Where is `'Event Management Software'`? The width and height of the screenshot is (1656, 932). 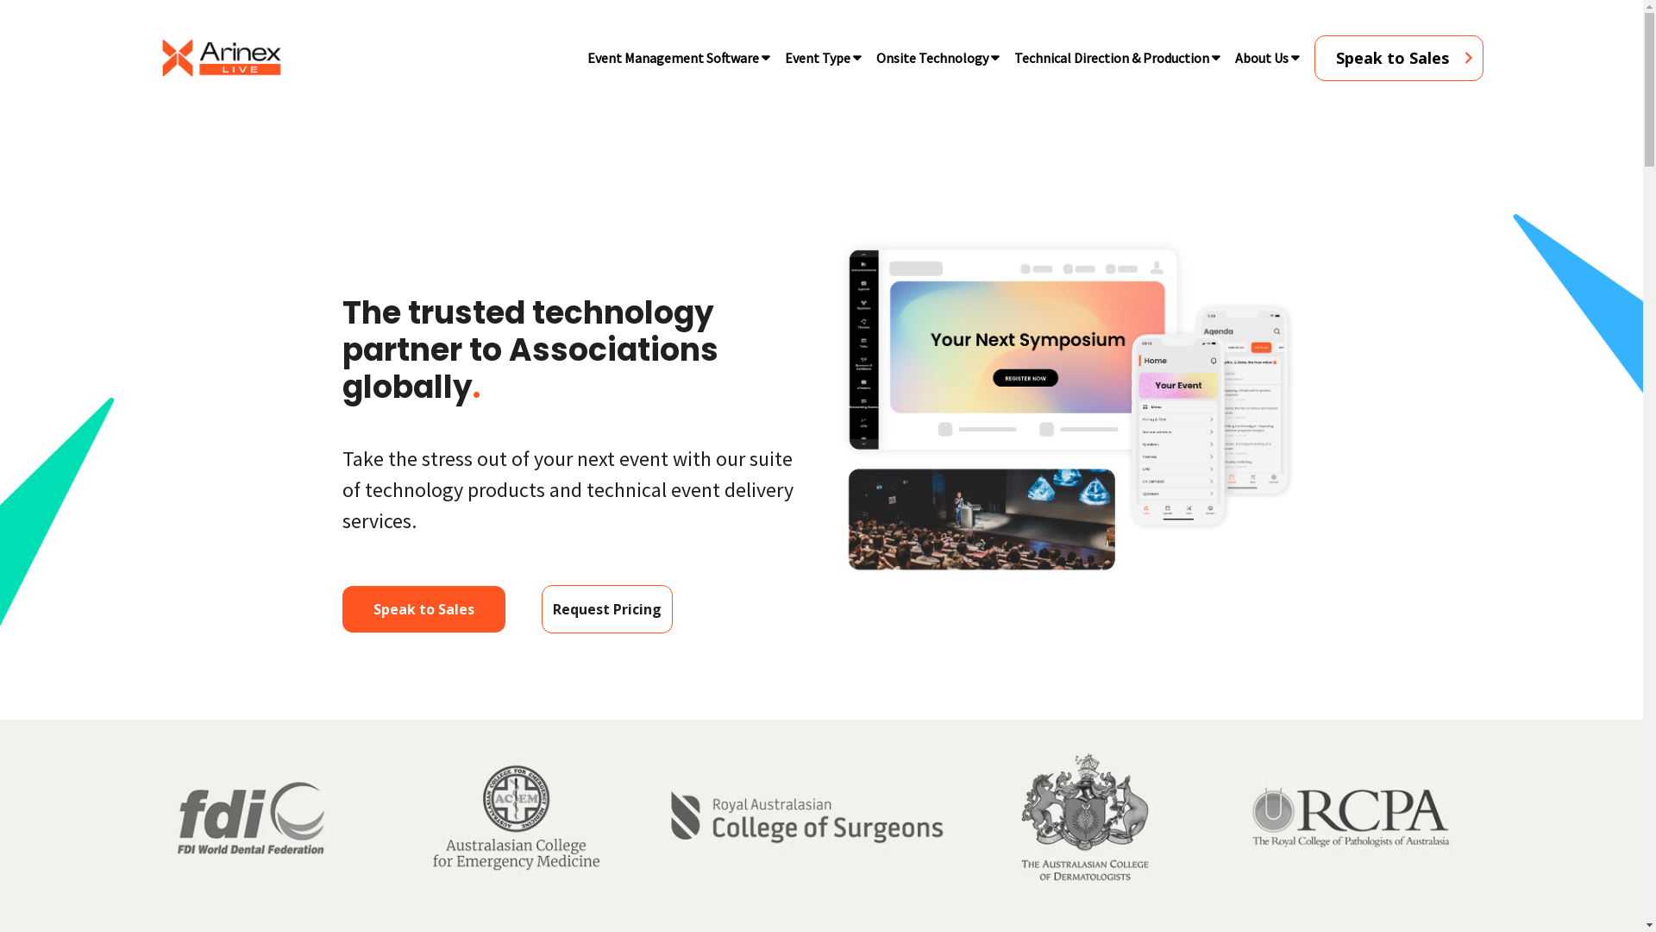 'Event Management Software' is located at coordinates (672, 56).